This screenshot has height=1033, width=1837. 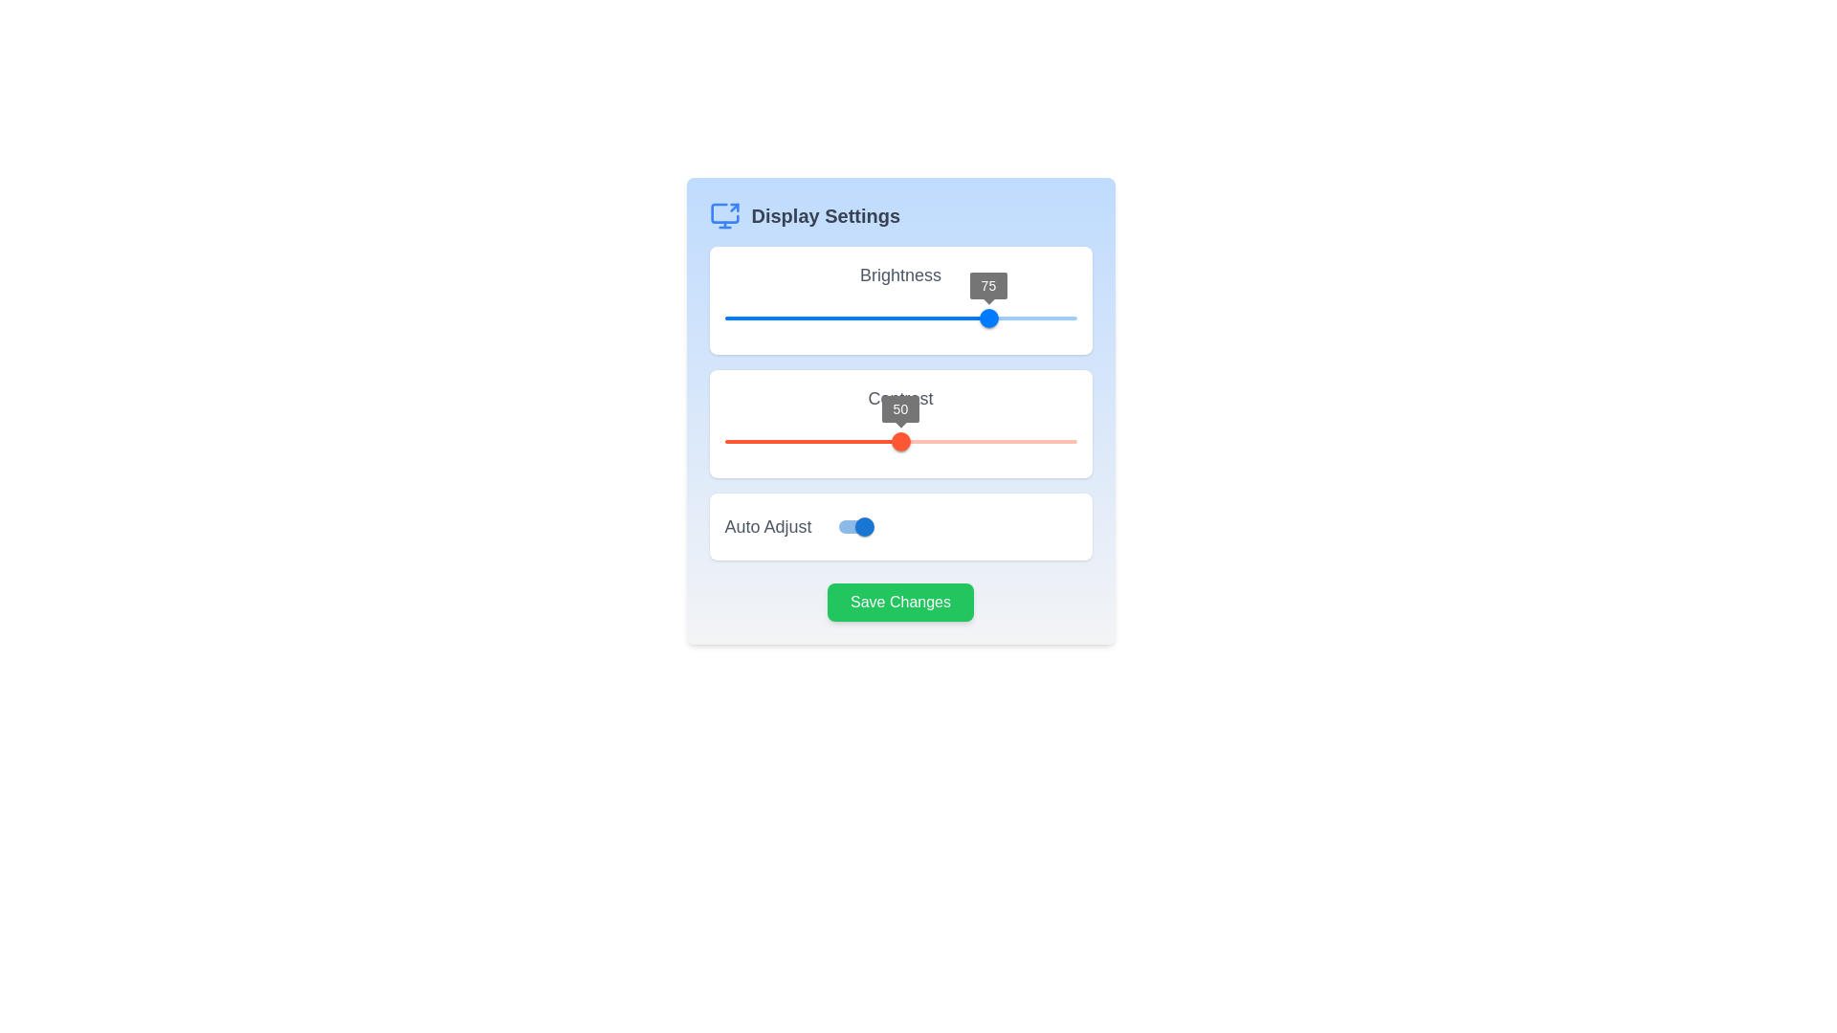 I want to click on the brightness level, so click(x=998, y=317).